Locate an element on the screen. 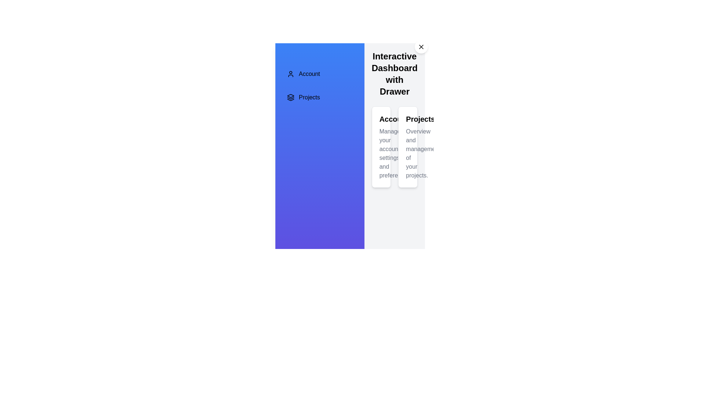 The image size is (704, 396). the menu item Projects to view its hover effect is located at coordinates (320, 97).